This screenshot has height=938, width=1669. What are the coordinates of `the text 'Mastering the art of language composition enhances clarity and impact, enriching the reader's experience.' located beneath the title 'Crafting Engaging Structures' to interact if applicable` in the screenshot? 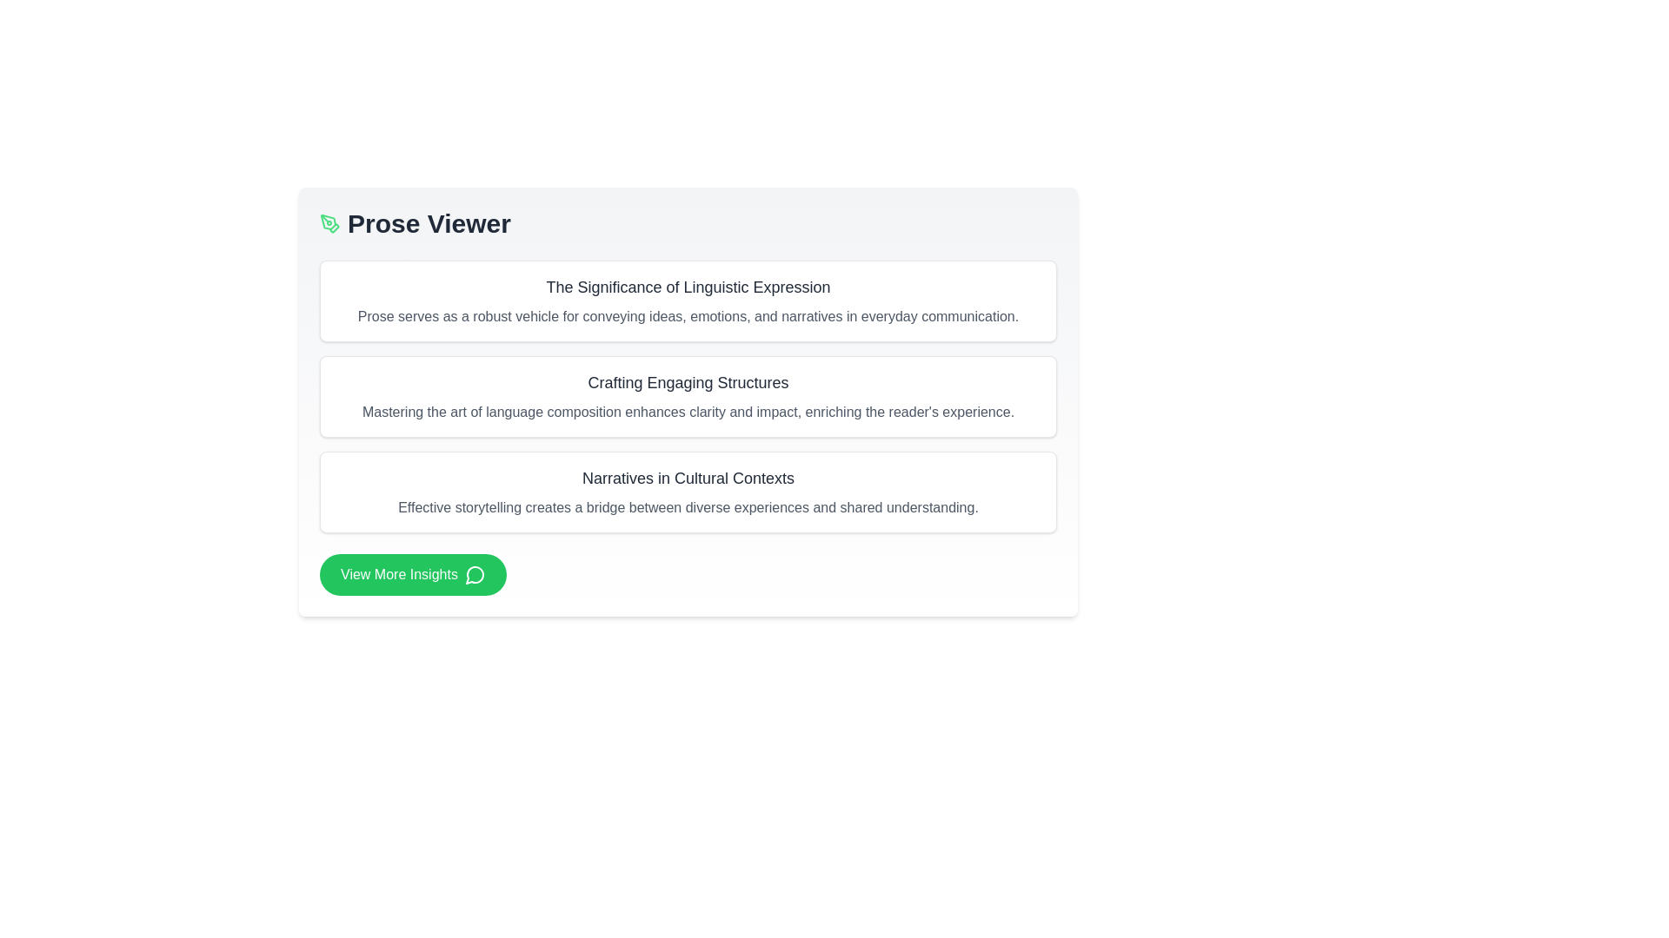 It's located at (688, 412).